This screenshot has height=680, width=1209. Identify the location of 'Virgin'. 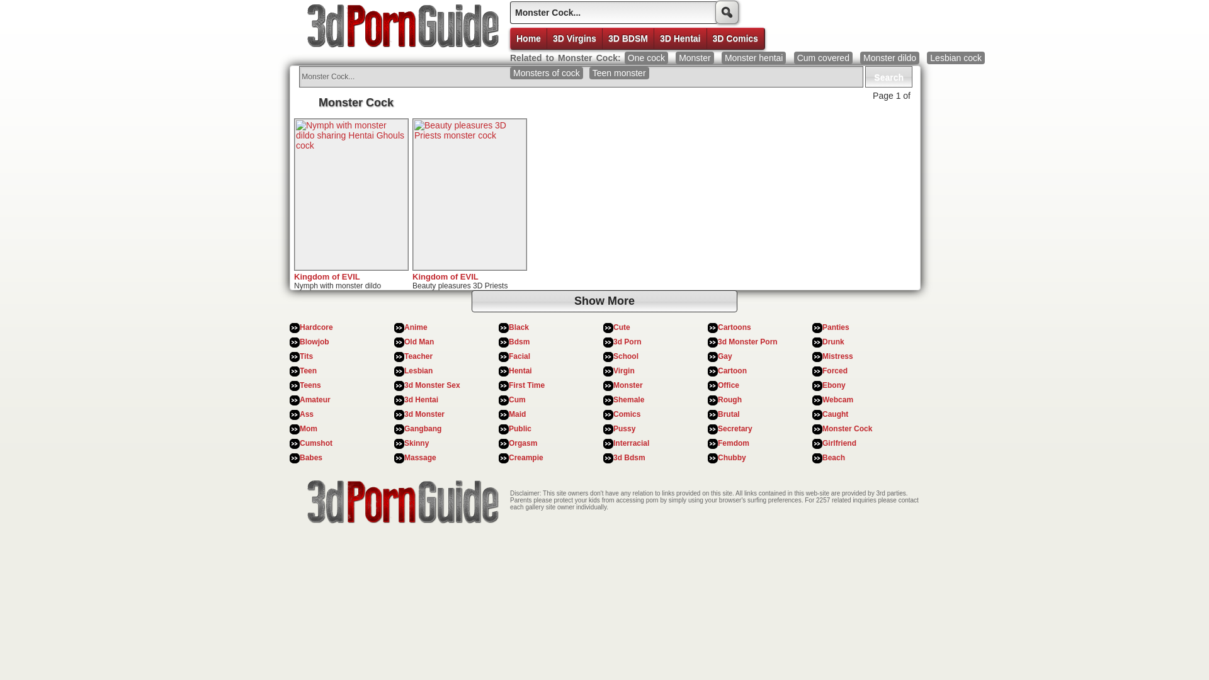
(623, 370).